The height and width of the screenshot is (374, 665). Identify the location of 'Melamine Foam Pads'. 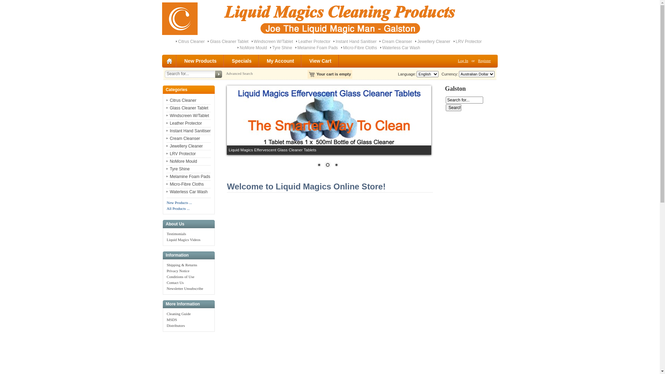
(317, 47).